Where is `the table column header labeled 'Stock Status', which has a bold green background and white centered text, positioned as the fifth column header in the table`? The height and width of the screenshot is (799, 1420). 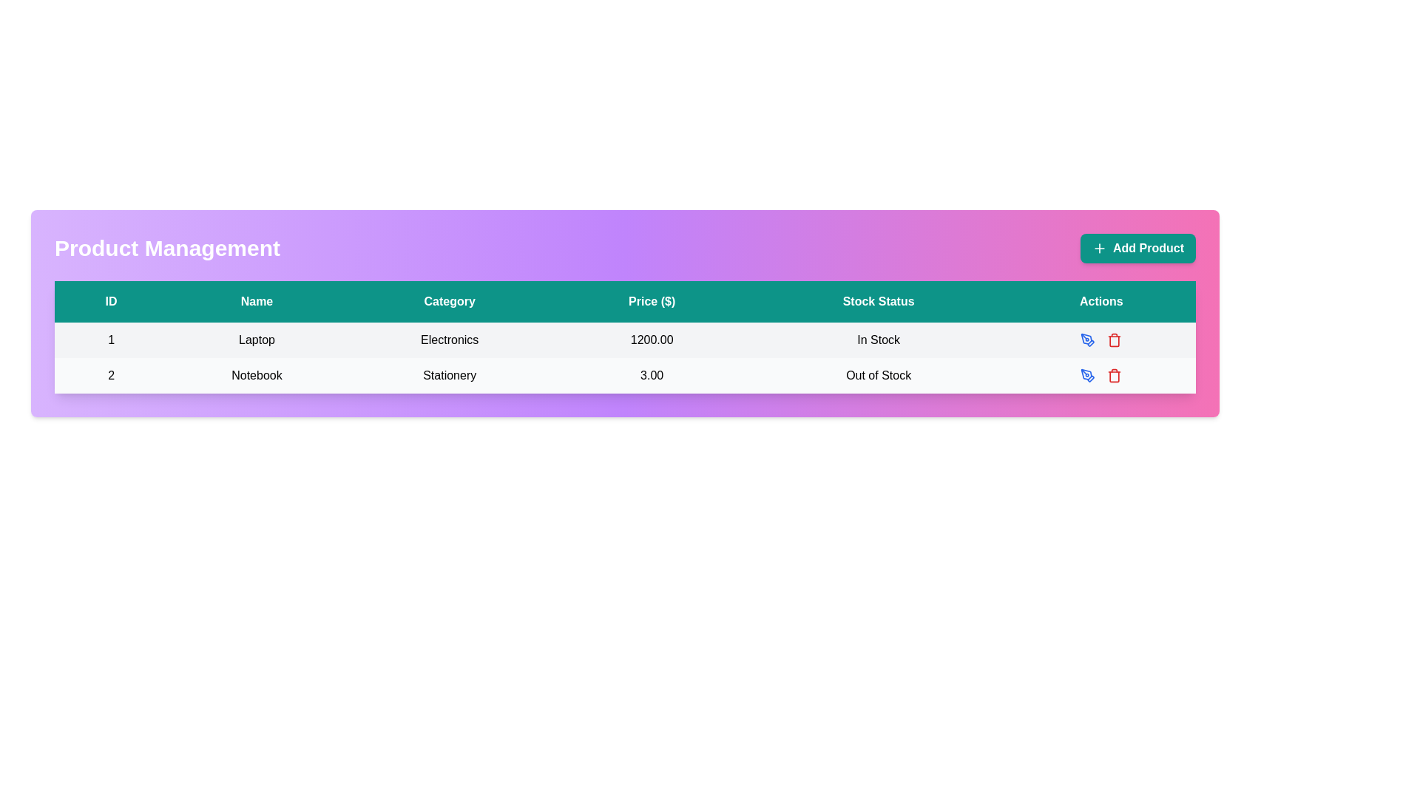
the table column header labeled 'Stock Status', which has a bold green background and white centered text, positioned as the fifth column header in the table is located at coordinates (879, 301).